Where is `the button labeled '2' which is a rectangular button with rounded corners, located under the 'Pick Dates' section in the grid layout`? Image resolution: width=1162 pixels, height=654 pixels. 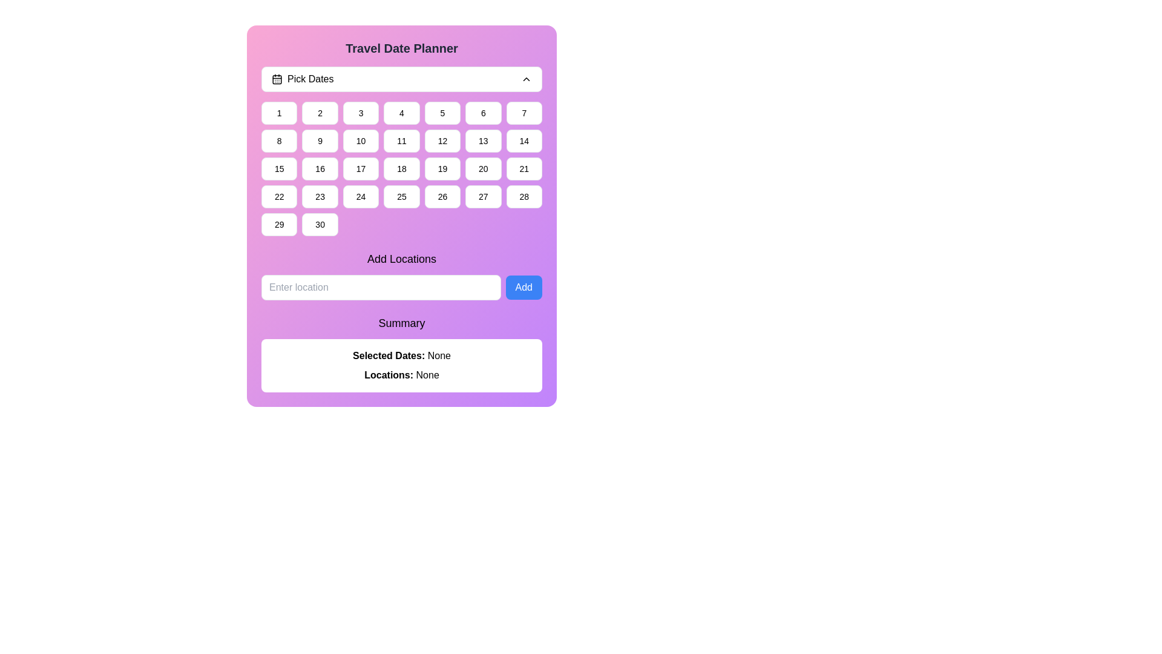
the button labeled '2' which is a rectangular button with rounded corners, located under the 'Pick Dates' section in the grid layout is located at coordinates (320, 113).